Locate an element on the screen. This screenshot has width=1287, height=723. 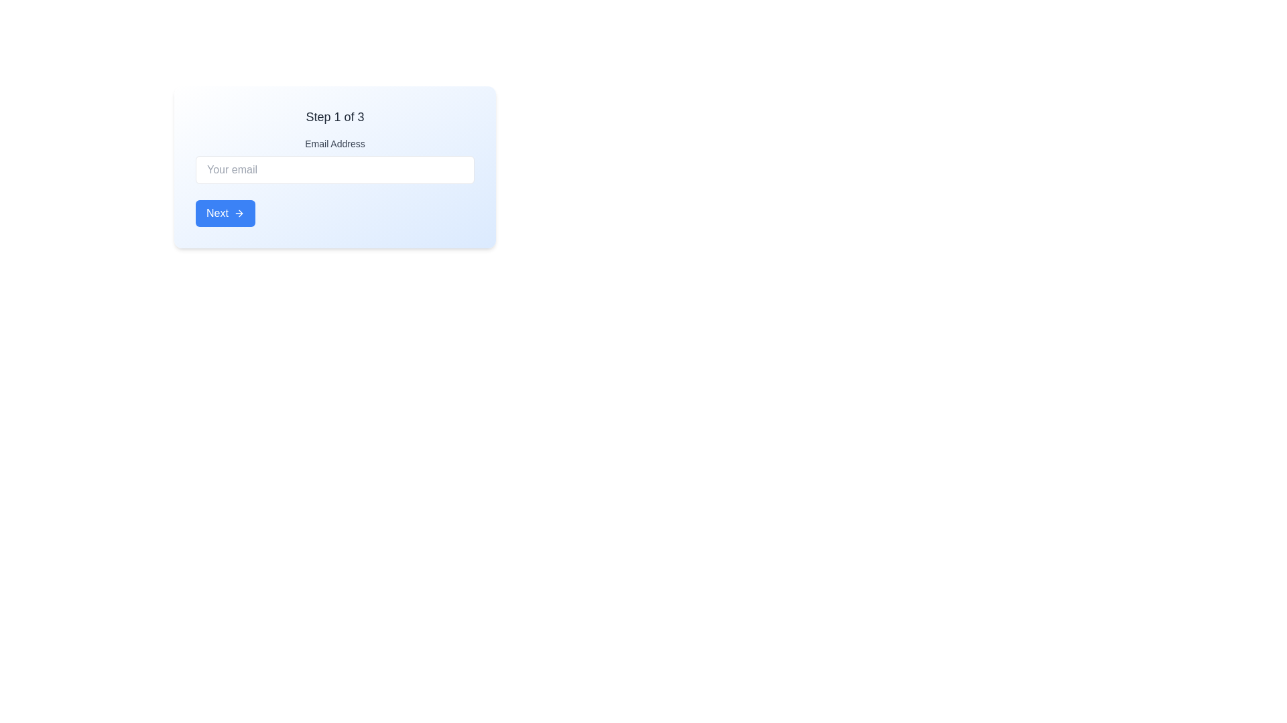
the rightward arrow icon located immediately to the right of the 'Next' text label within a blue rounded rectangle button is located at coordinates (239, 213).